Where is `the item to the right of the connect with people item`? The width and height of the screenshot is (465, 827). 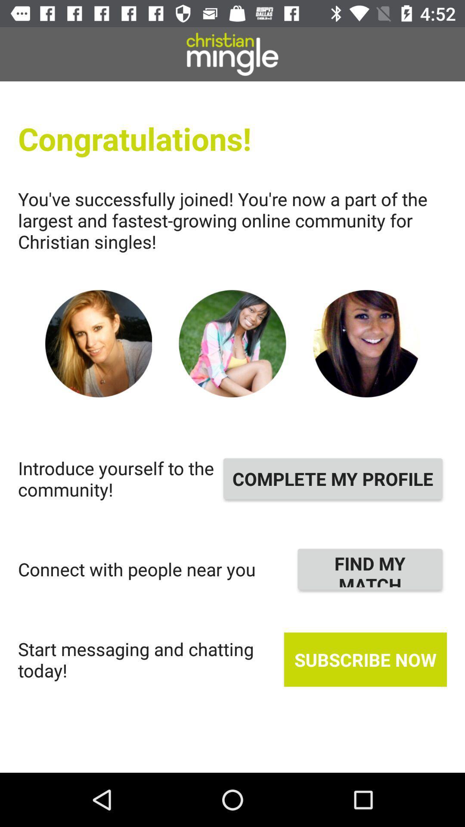
the item to the right of the connect with people item is located at coordinates (369, 569).